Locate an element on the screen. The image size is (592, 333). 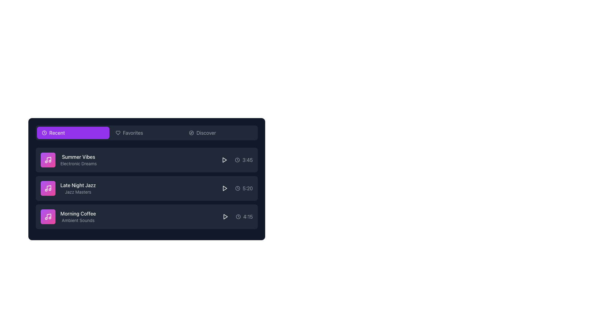
the text label 'Jazz Masters' which is a small light gray label positioned below the larger label 'Late Night Jazz' against a dark background is located at coordinates (78, 192).